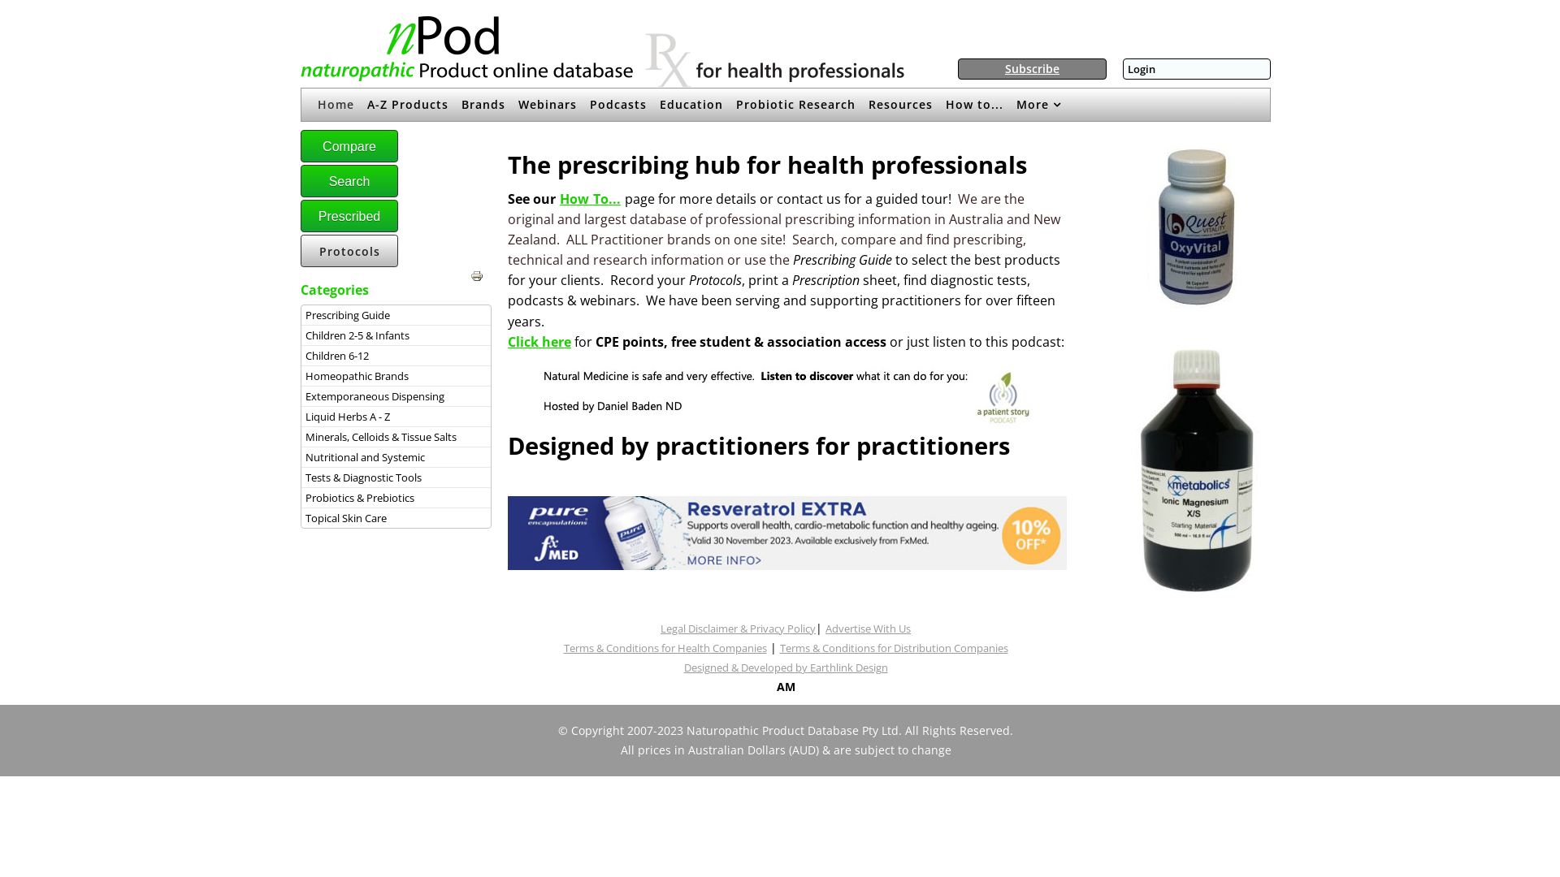 The height and width of the screenshot is (877, 1560). I want to click on 'Terms & Conditions for Distribution Companies', so click(893, 647).